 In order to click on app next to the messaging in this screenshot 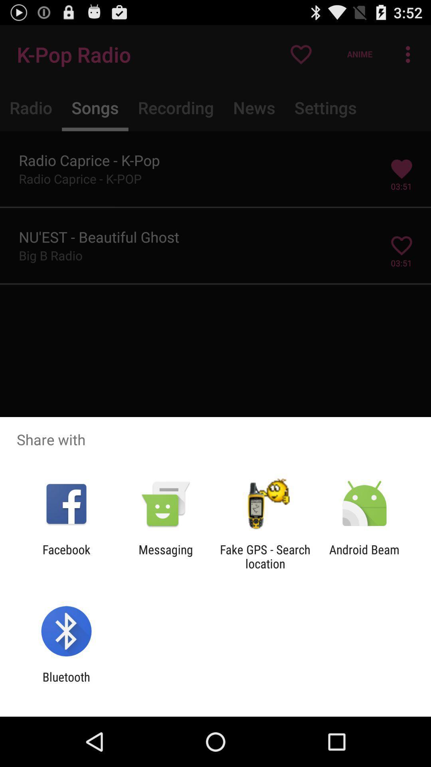, I will do `click(66, 556)`.